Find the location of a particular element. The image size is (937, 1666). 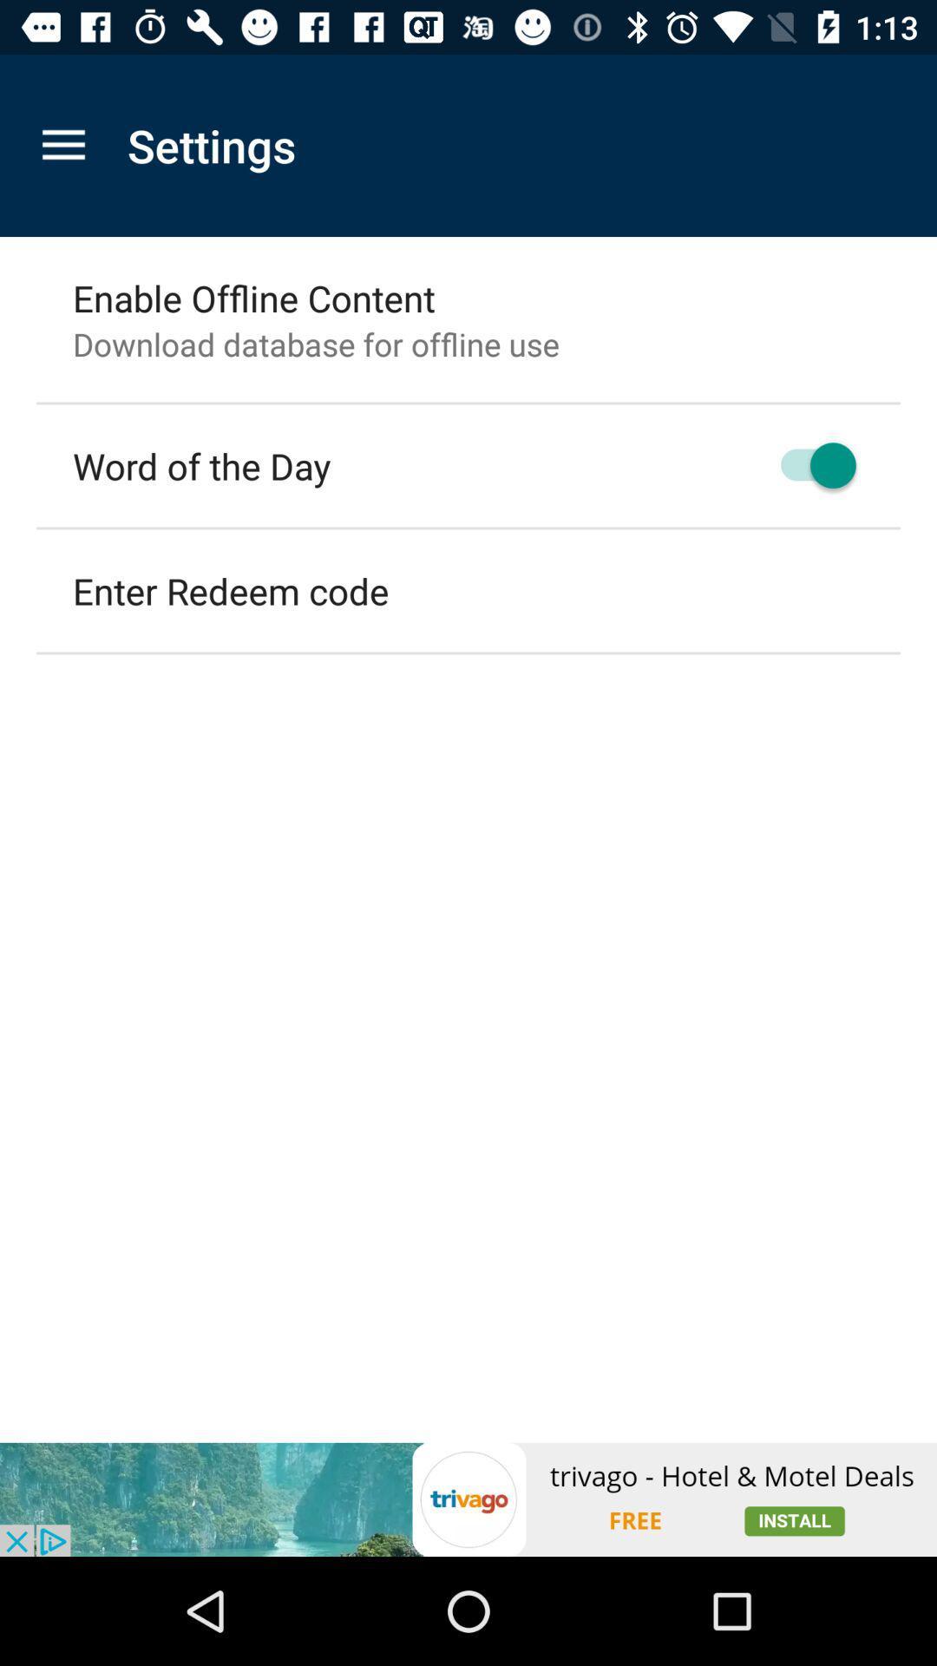

advertisement is located at coordinates (468, 1499).